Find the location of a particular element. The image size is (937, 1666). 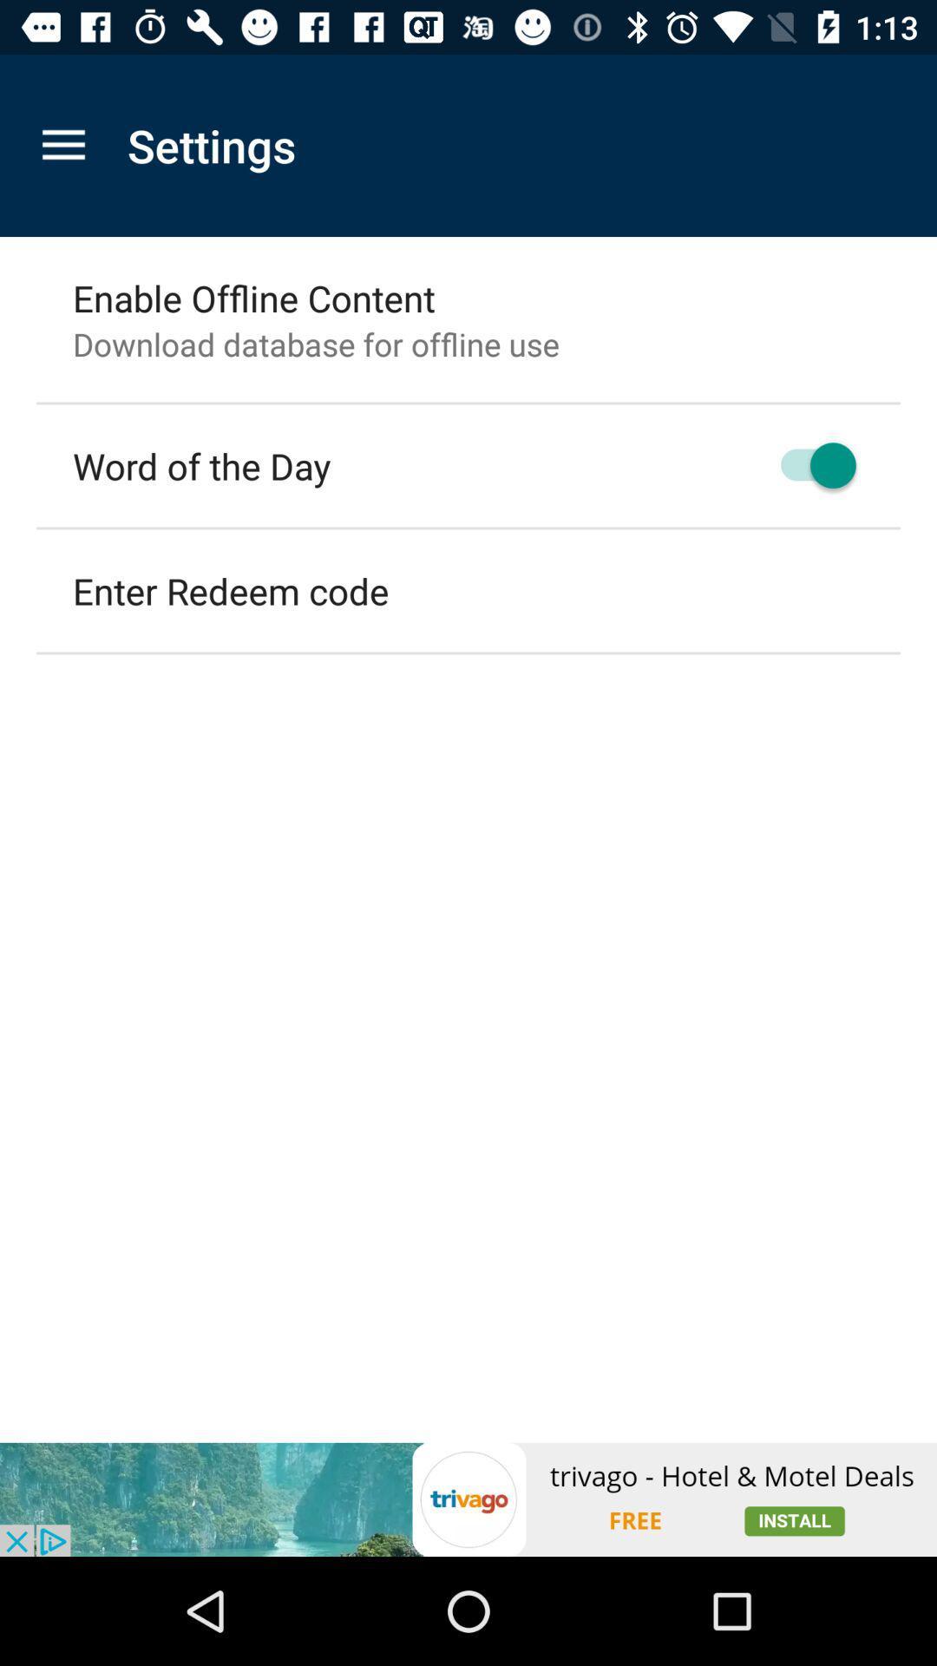

advertisement is located at coordinates (468, 1499).